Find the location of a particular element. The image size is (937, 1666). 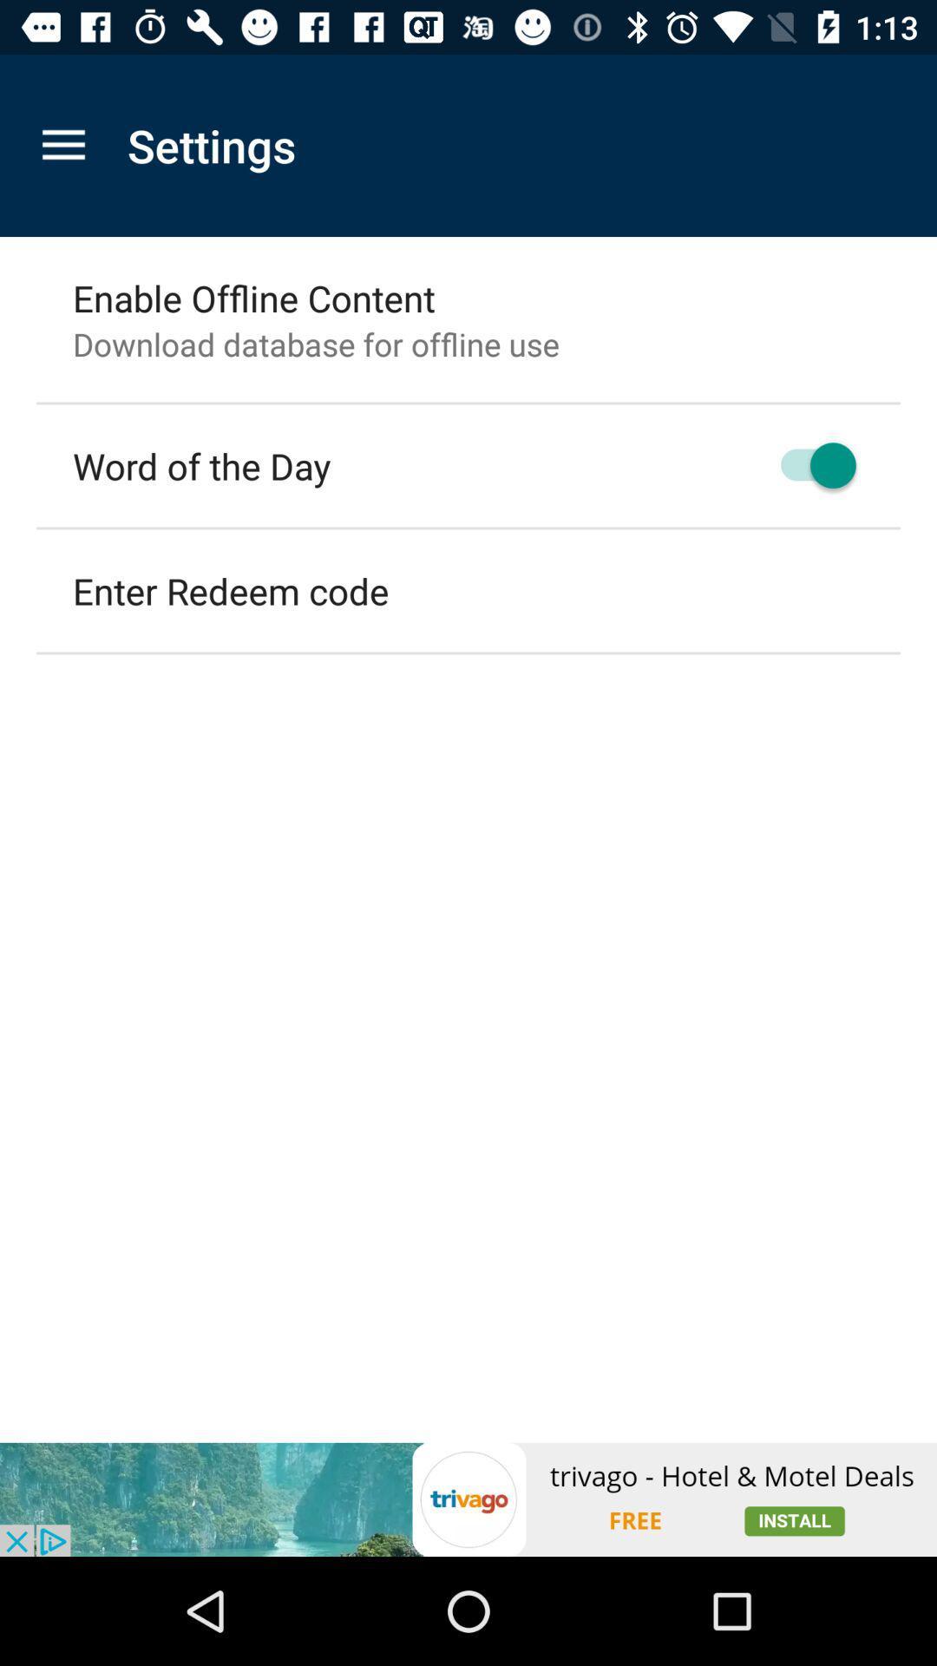

advertisement is located at coordinates (468, 1499).